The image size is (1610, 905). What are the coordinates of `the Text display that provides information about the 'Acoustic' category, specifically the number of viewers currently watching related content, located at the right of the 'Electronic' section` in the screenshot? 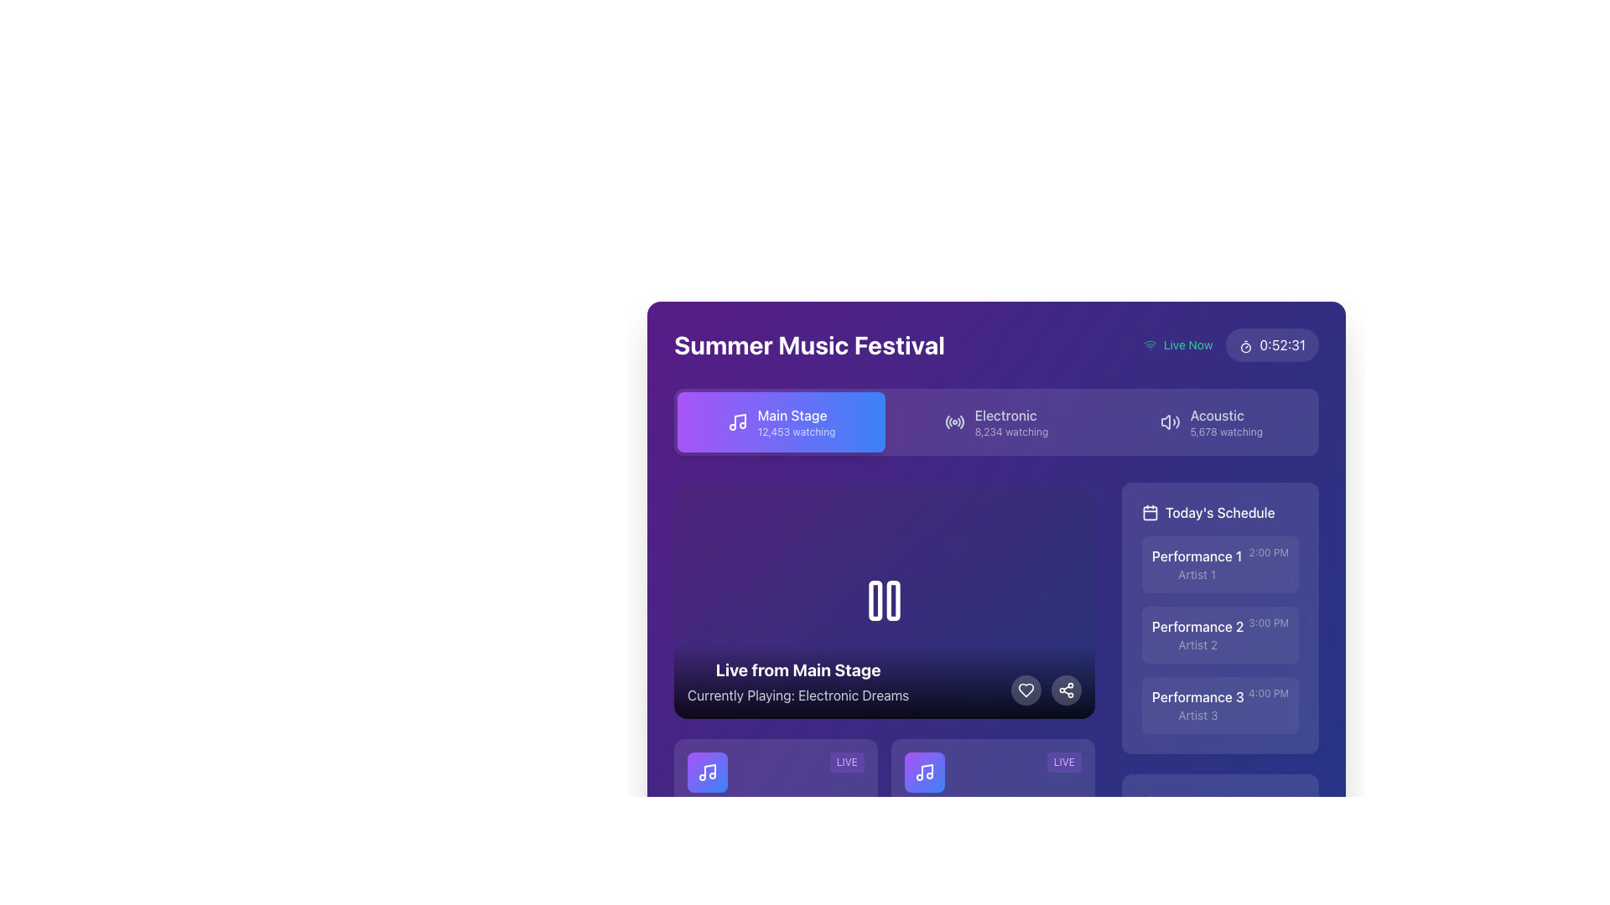 It's located at (1226, 421).